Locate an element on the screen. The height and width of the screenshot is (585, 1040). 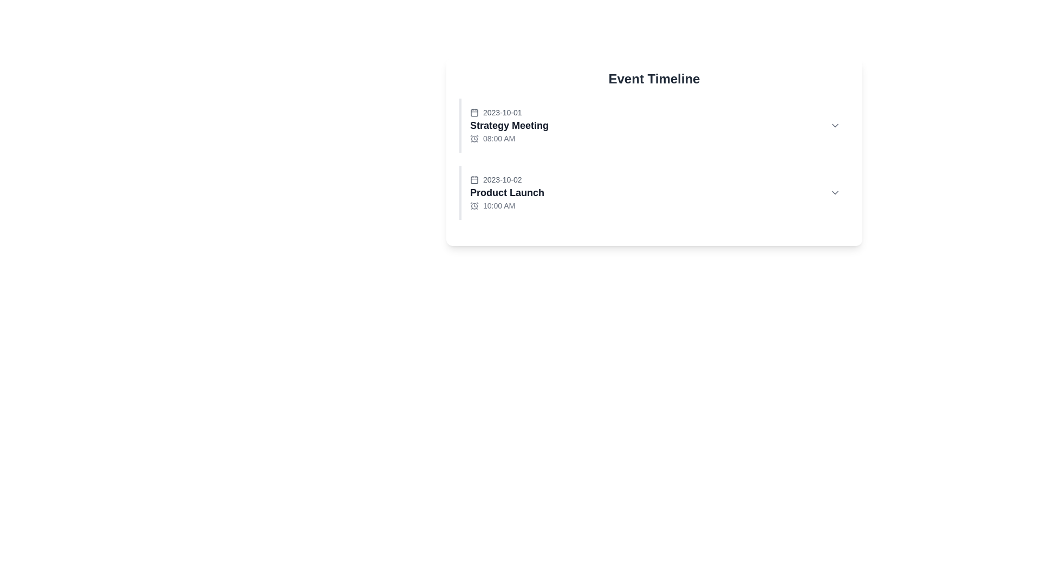
the '2023-10-01 Strategy Meeting 08:00 AM' event entry is located at coordinates (509, 125).